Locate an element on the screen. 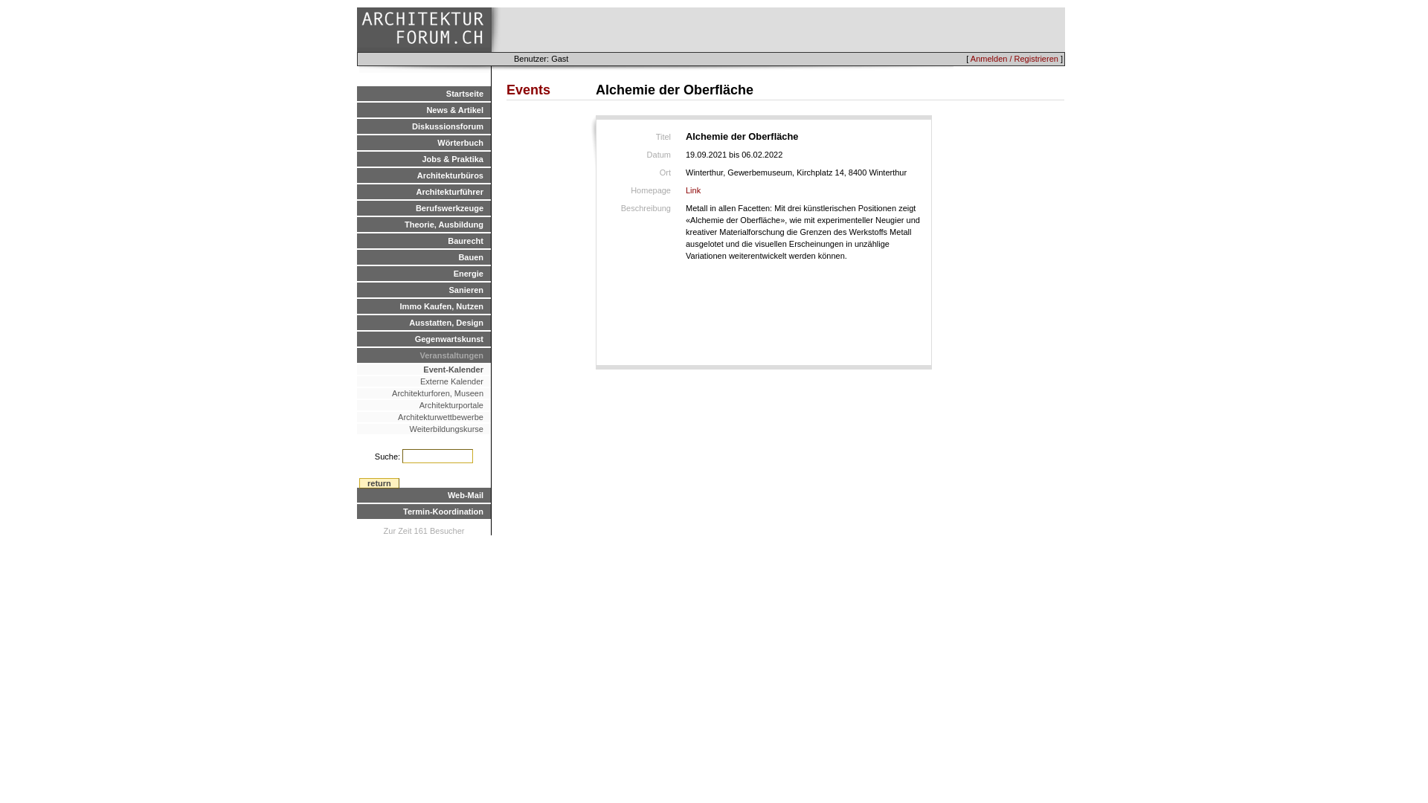  'Jobs & Praktika' is located at coordinates (423, 158).